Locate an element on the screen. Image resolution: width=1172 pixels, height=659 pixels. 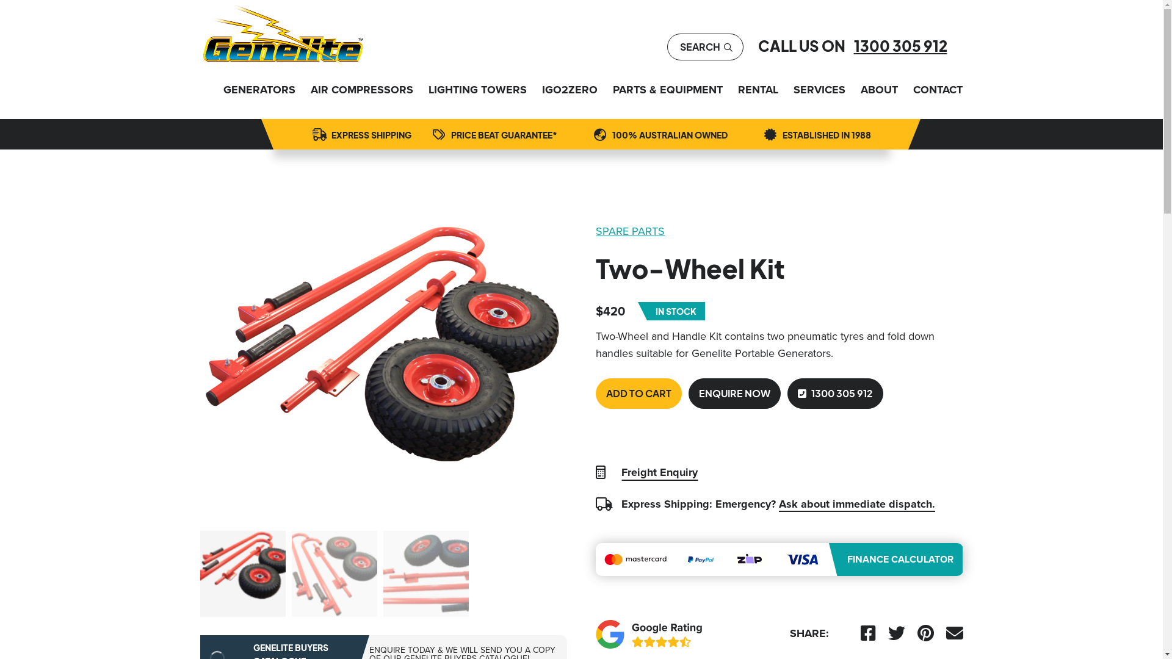
'Freight Enquiry' is located at coordinates (659, 472).